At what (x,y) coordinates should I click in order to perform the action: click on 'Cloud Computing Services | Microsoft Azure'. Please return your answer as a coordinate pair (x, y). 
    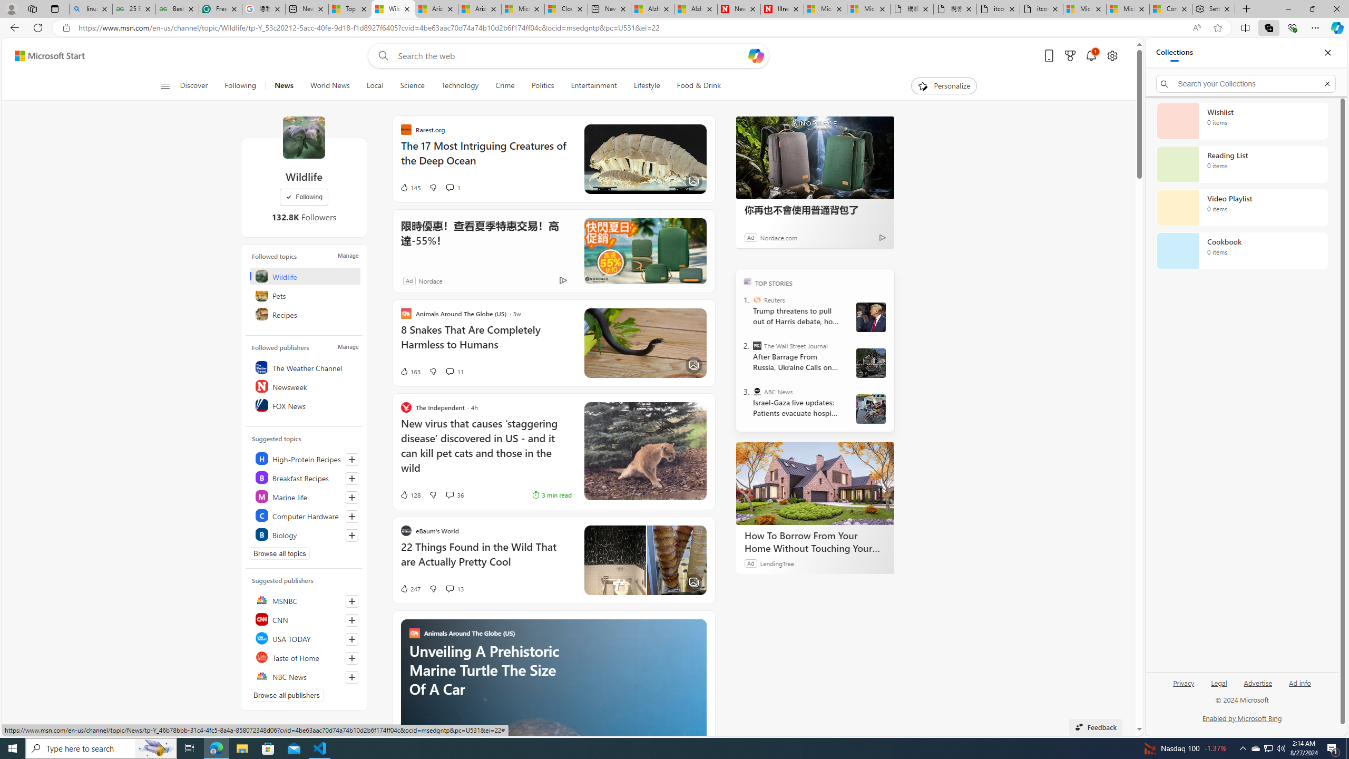
    Looking at the image, I should click on (565, 8).